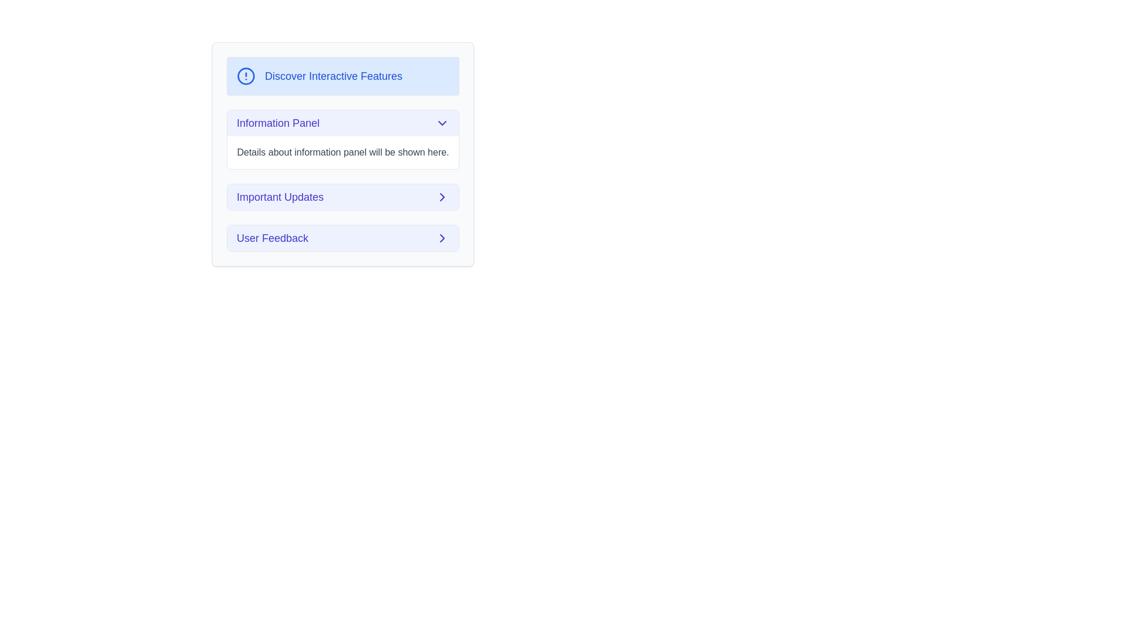 The image size is (1128, 634). Describe the element at coordinates (272, 238) in the screenshot. I see `the label located inside the sidebar, which indicates user feedback and is positioned below a chevron icon` at that location.